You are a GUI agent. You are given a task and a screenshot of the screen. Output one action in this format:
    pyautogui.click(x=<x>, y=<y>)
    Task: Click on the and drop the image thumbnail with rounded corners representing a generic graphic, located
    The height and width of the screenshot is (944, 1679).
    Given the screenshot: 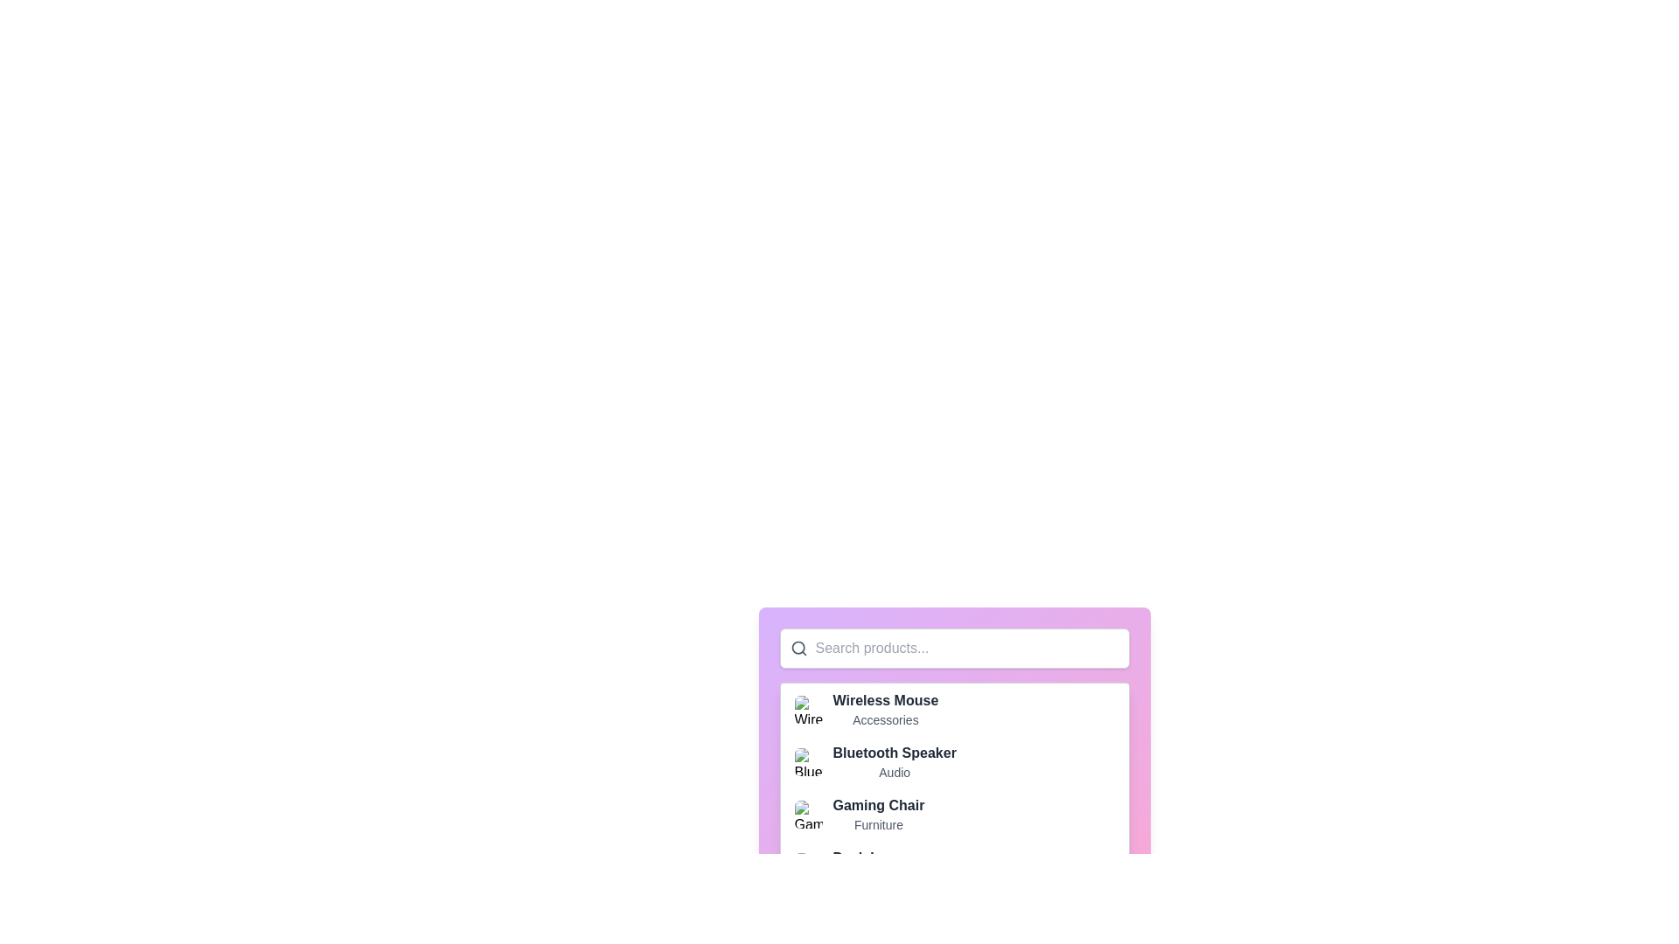 What is the action you would take?
    pyautogui.click(x=807, y=815)
    